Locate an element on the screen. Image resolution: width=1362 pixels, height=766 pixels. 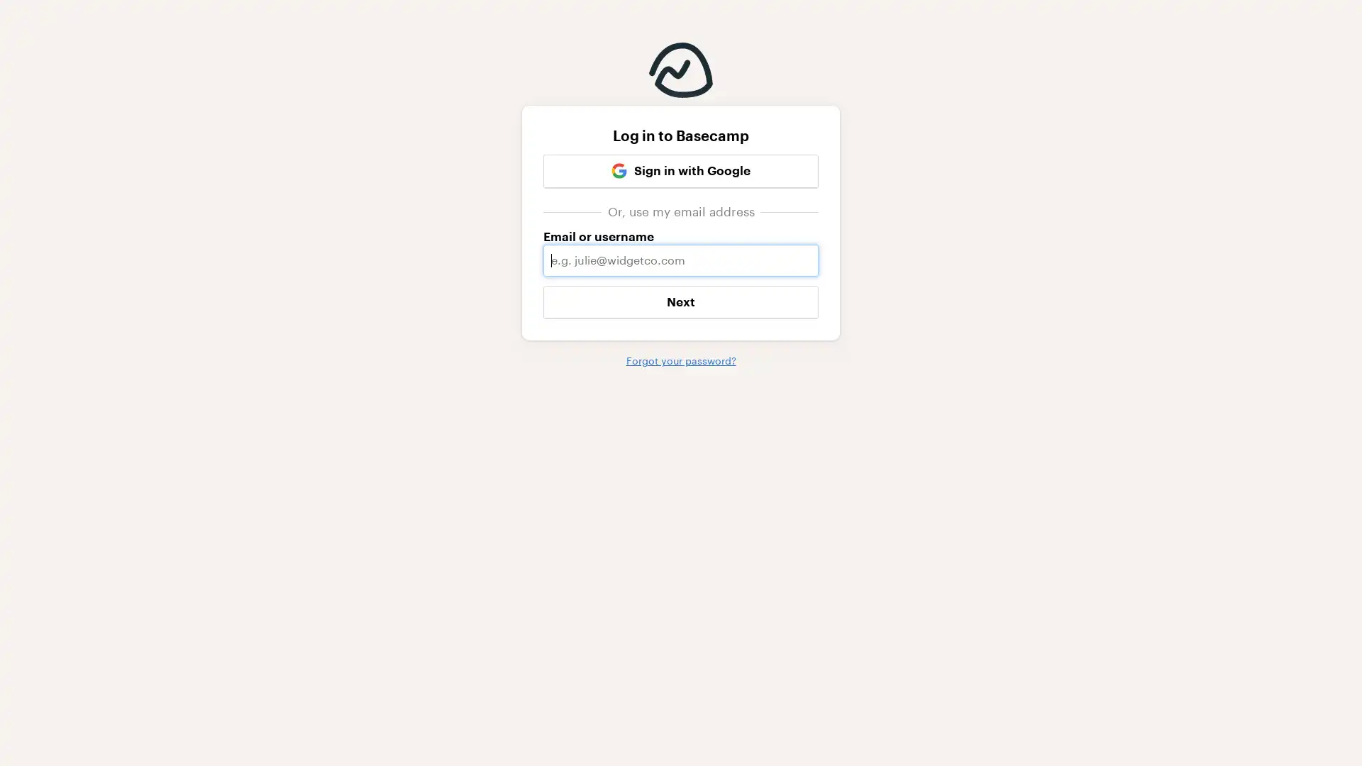
Next is located at coordinates (681, 301).